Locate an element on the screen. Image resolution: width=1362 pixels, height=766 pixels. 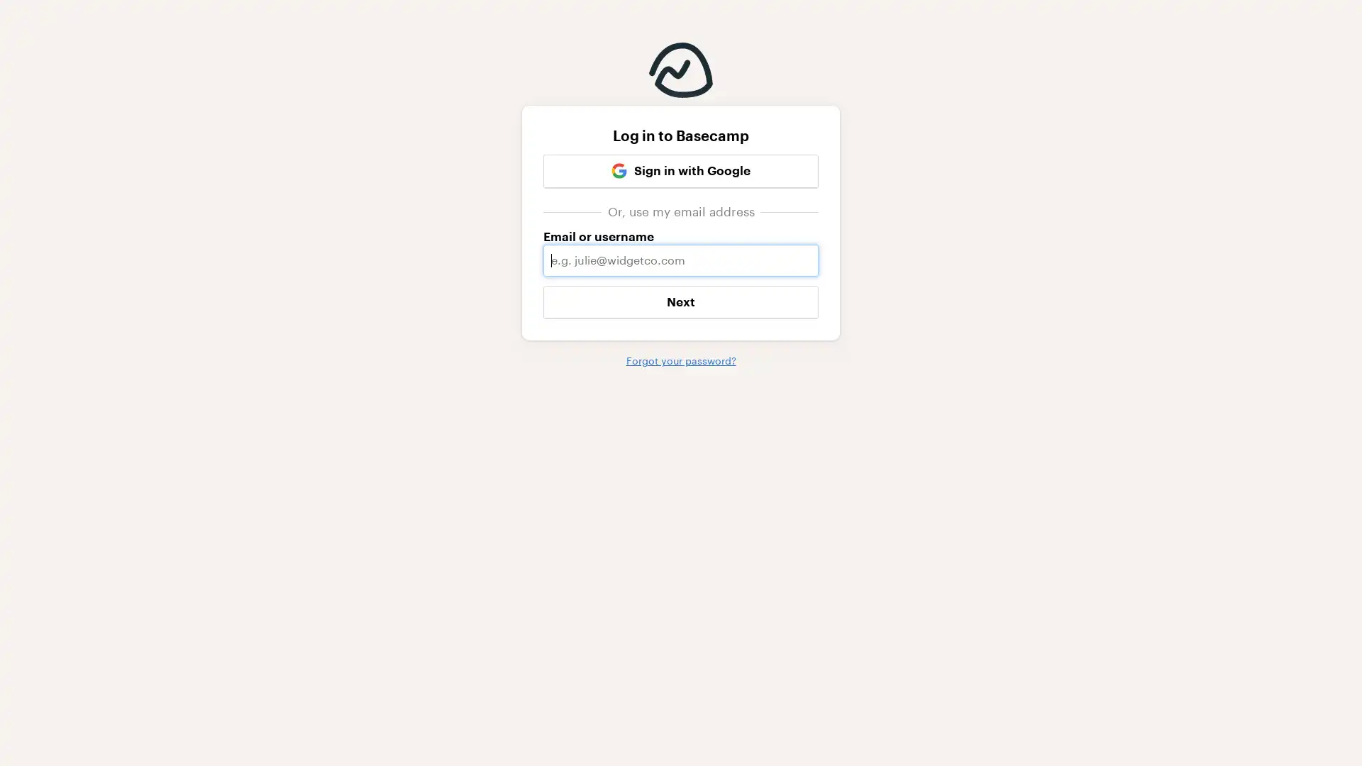
Next is located at coordinates (681, 301).